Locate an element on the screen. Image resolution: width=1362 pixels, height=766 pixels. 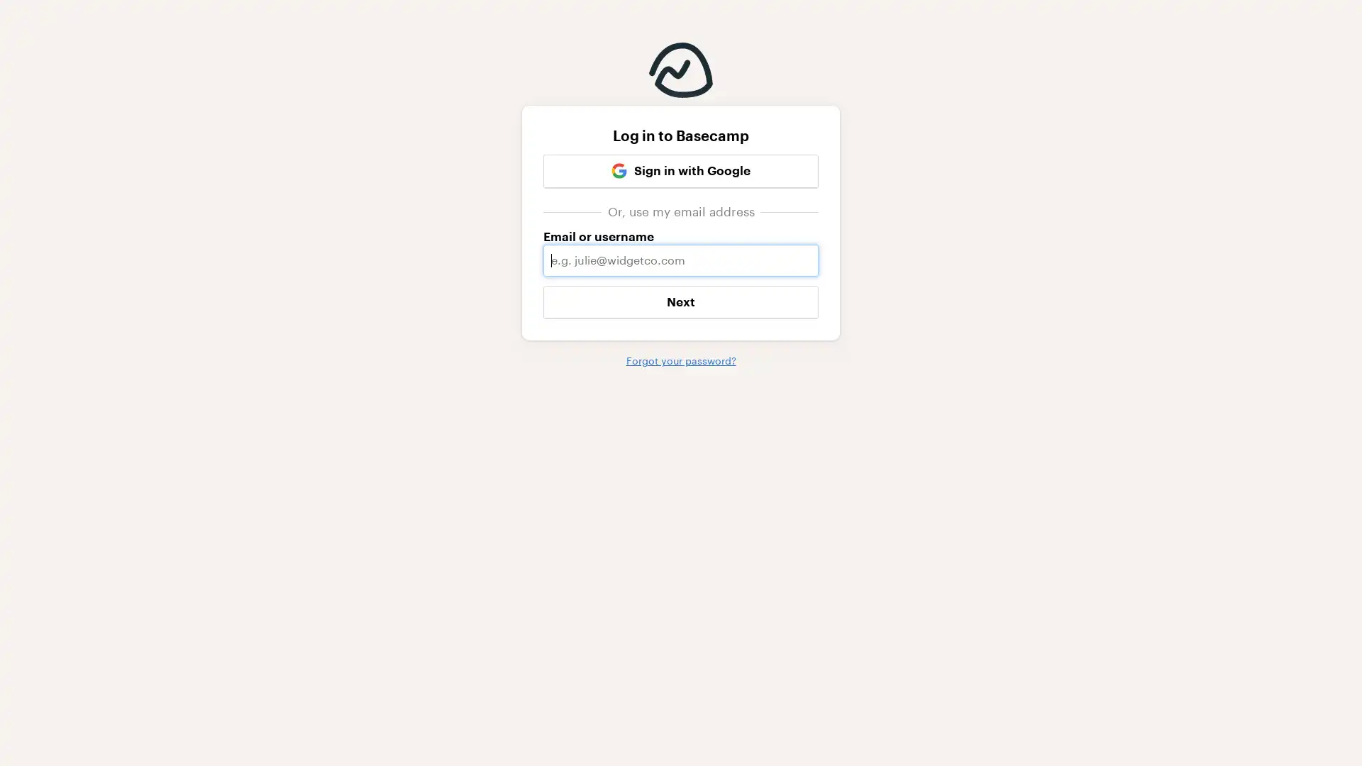
Next is located at coordinates (681, 301).